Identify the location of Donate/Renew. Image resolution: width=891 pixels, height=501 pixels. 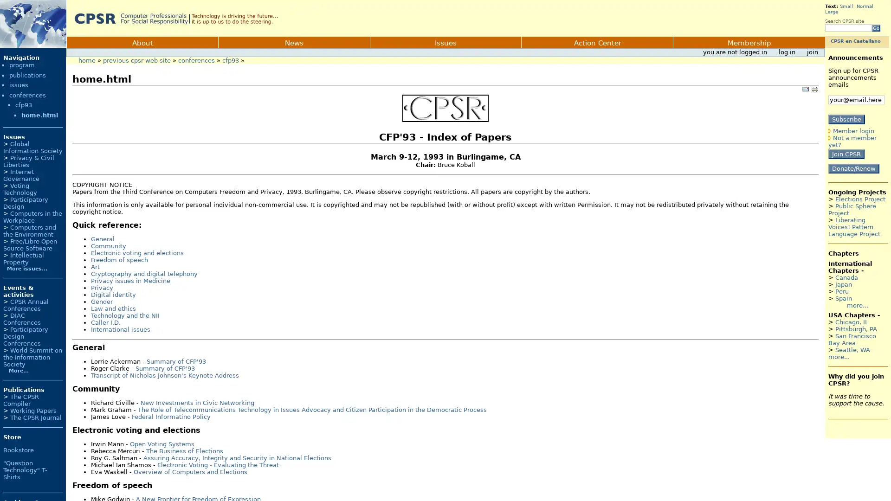
(853, 168).